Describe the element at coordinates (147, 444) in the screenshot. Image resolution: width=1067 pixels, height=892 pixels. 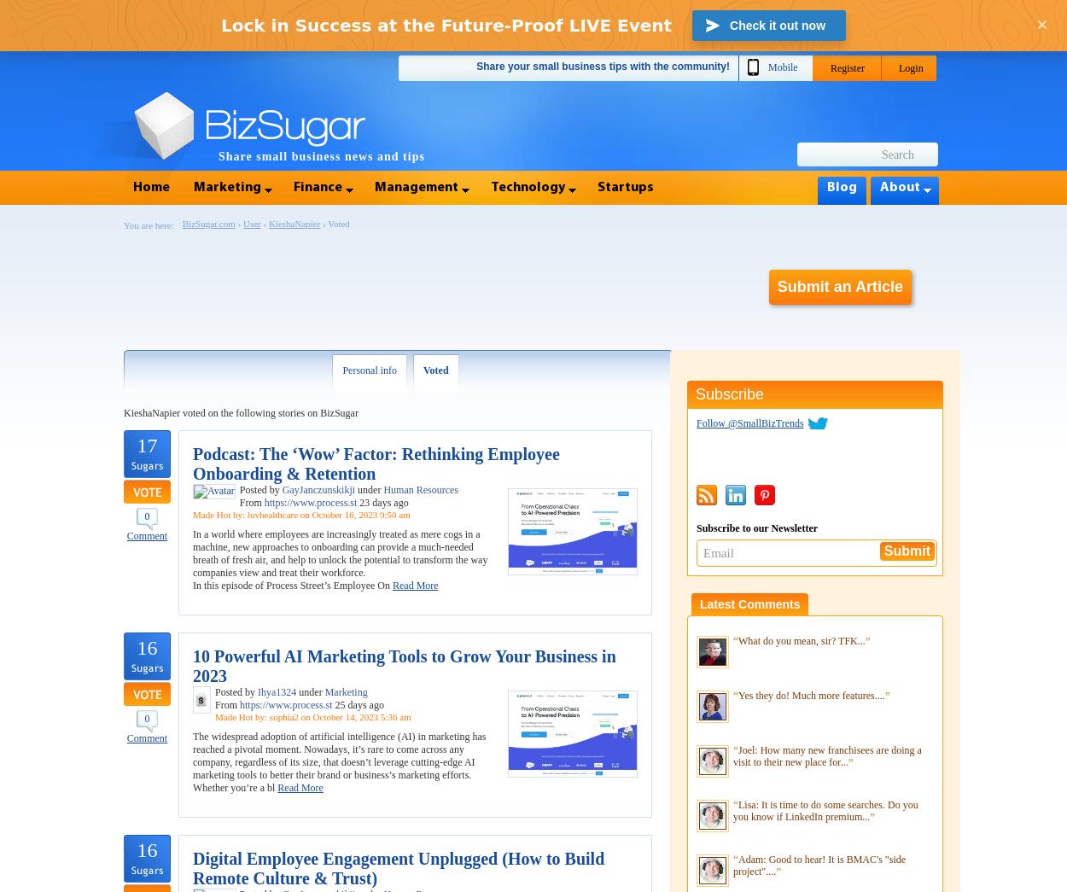
I see `'17'` at that location.